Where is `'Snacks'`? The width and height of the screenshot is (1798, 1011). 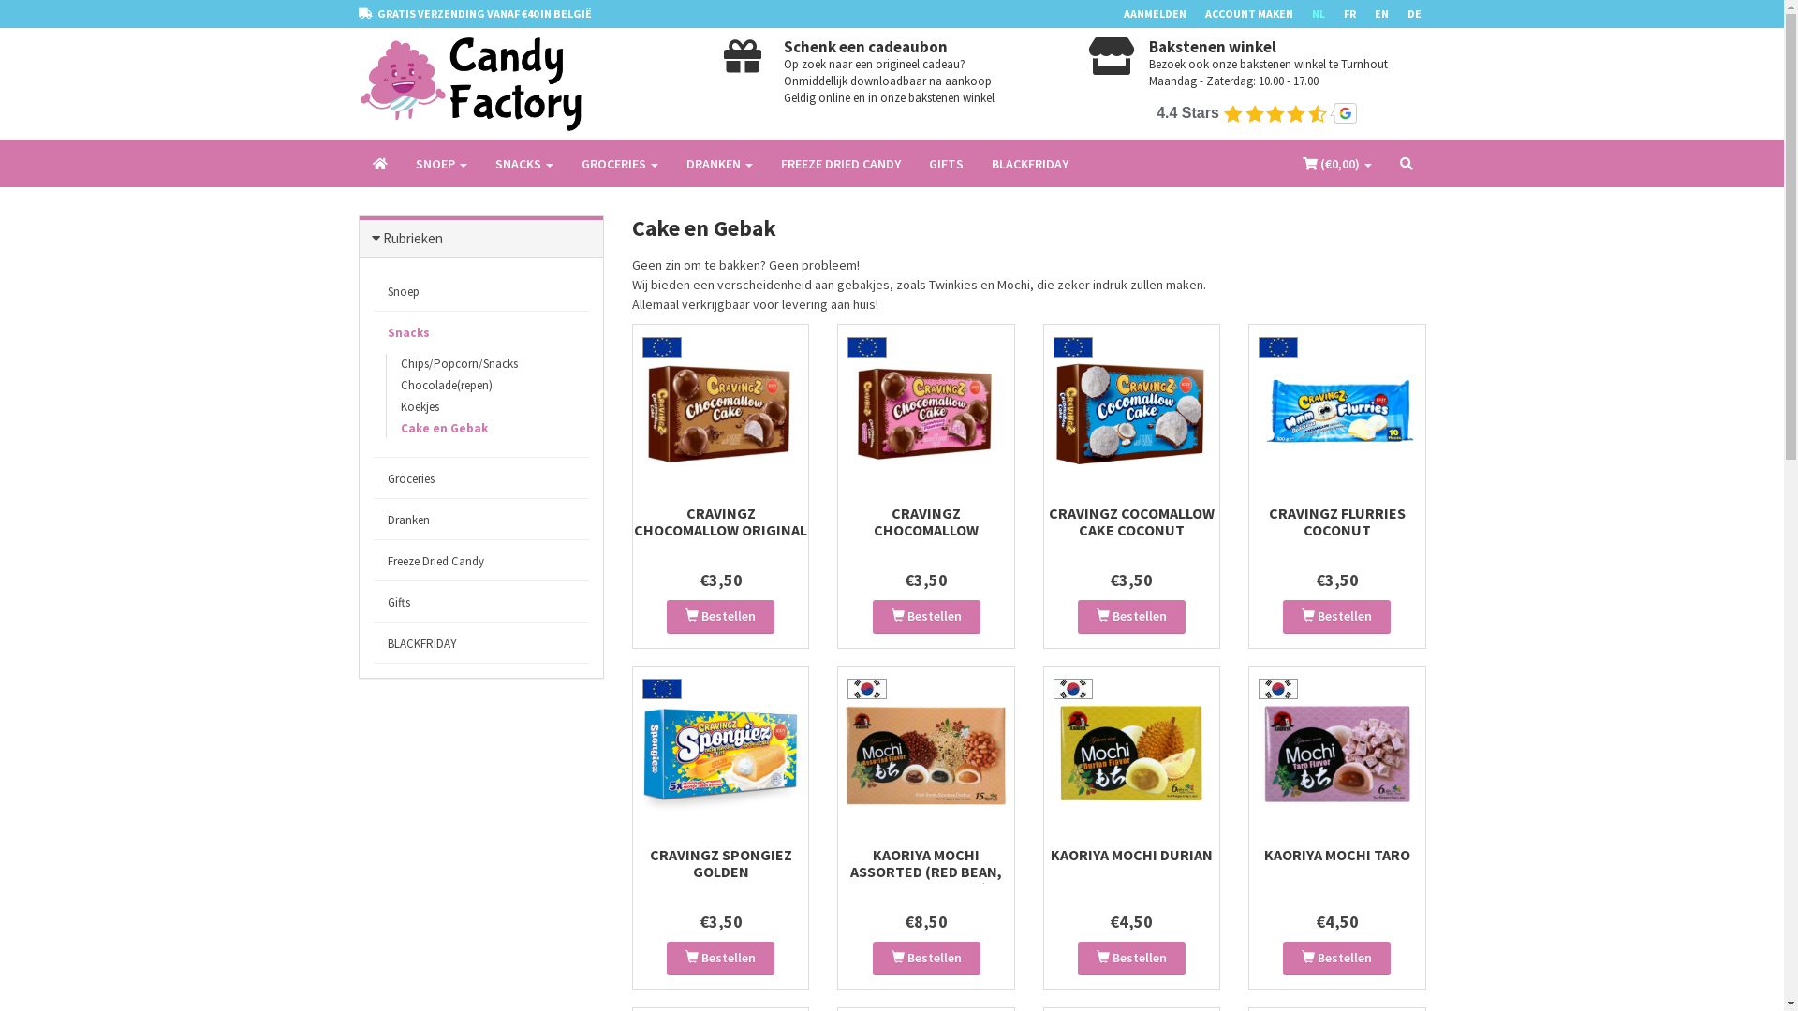 'Snacks' is located at coordinates (480, 331).